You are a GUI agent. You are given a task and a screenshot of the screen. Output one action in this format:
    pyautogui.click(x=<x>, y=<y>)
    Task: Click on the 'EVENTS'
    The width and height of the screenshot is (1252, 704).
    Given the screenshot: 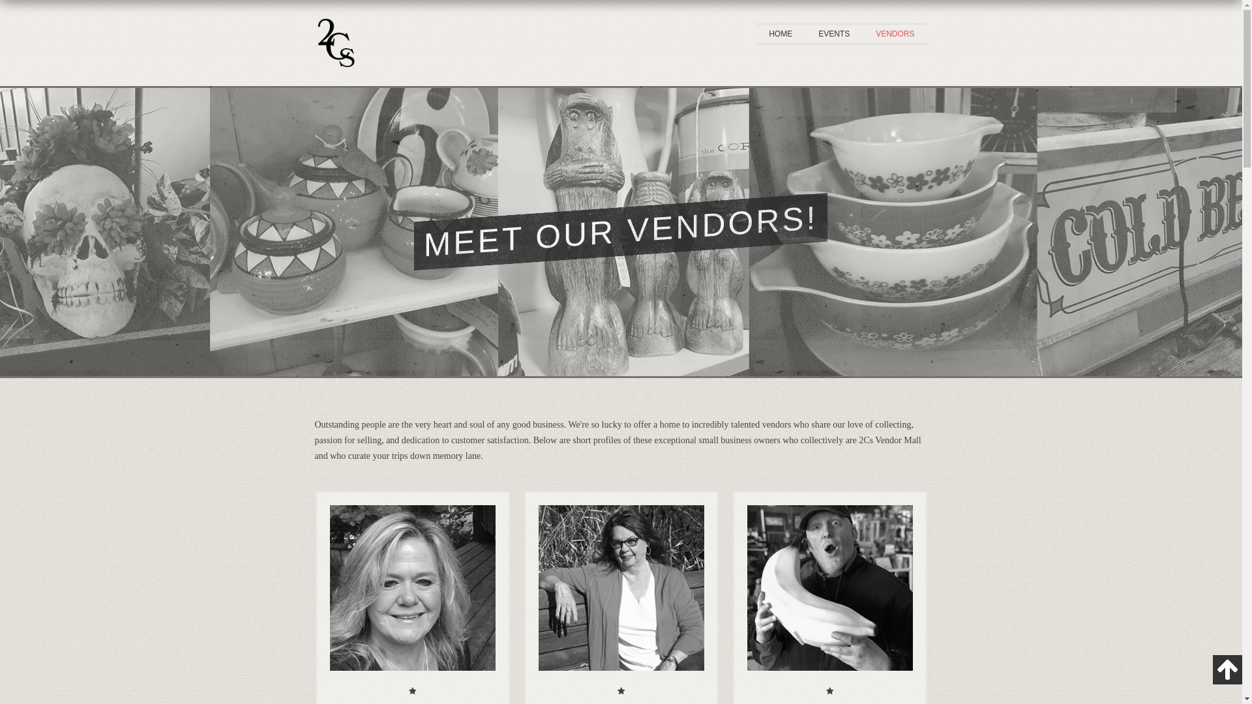 What is the action you would take?
    pyautogui.click(x=833, y=33)
    